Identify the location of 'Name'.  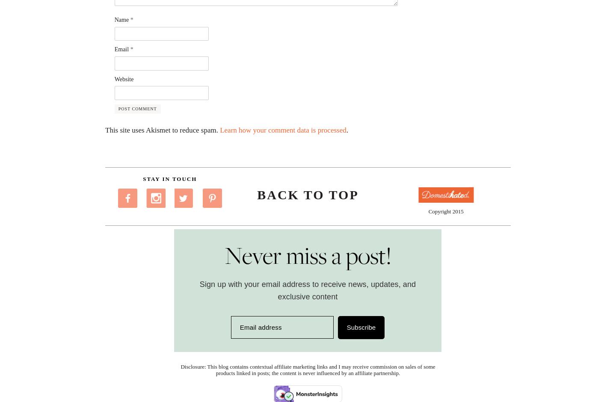
(121, 19).